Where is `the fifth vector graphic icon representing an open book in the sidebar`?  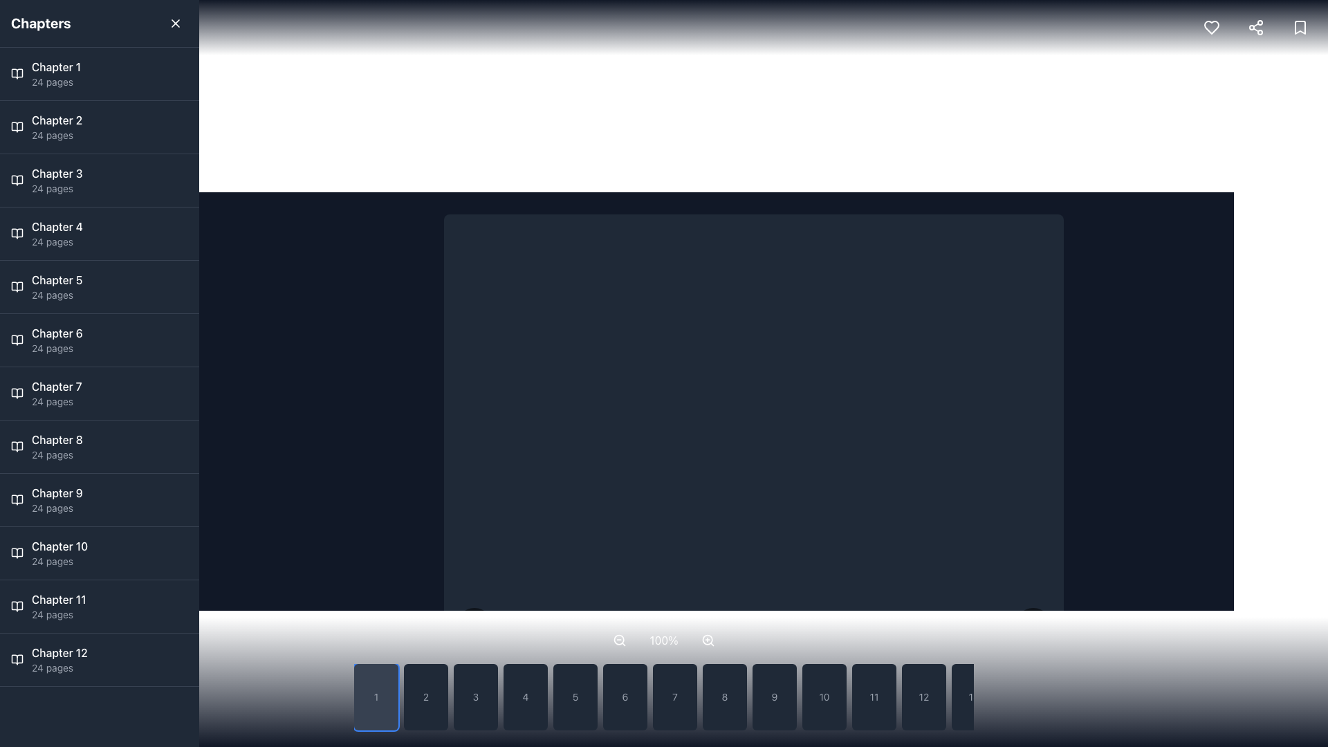 the fifth vector graphic icon representing an open book in the sidebar is located at coordinates (17, 286).